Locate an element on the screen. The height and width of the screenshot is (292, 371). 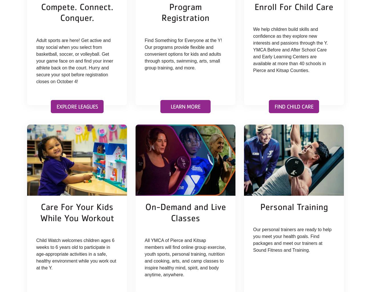
'Adult sports are here! Get active and stay social when you select from basketball, soccer, or volleyball. Get your game face on and find your inner athlete back on the court. Hurry and secure your spot before registration closes on October 4!' is located at coordinates (36, 61).